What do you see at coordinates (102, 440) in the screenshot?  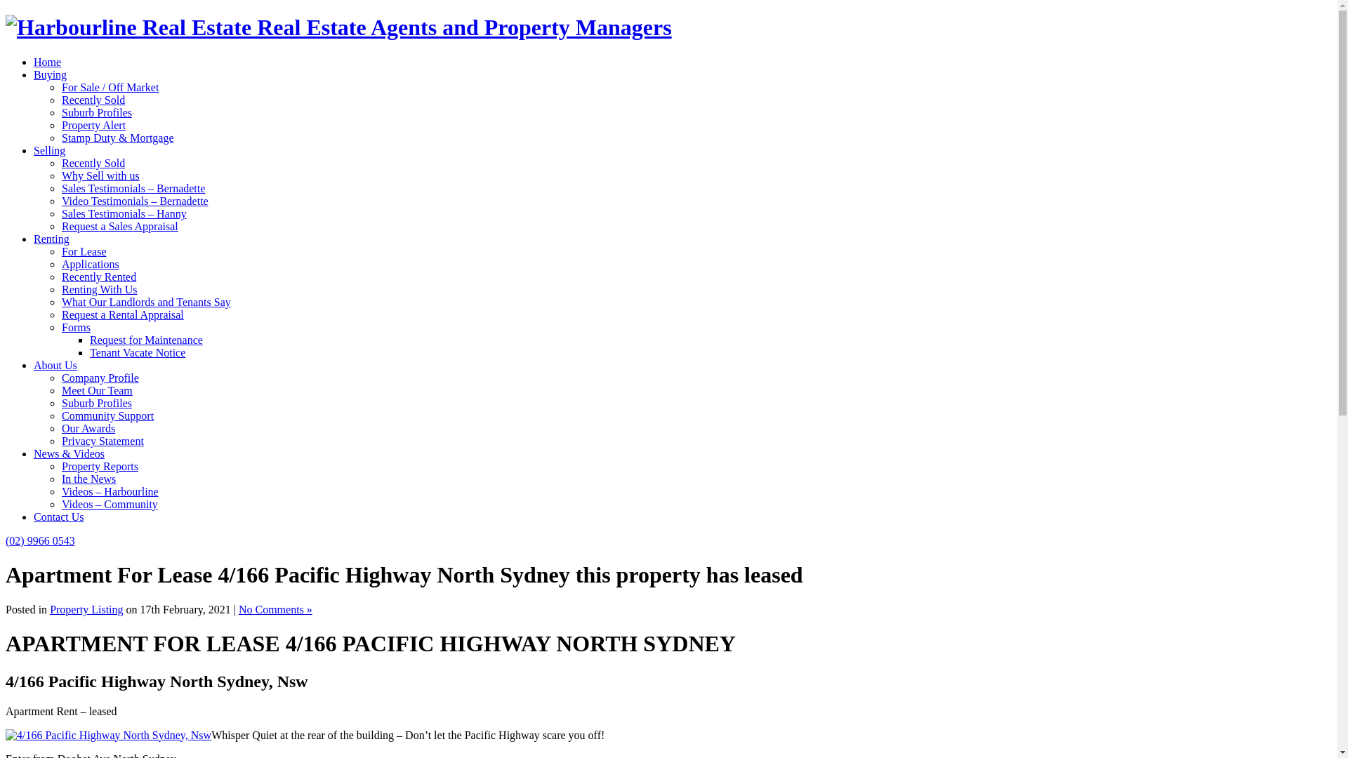 I see `'Privacy Statement'` at bounding box center [102, 440].